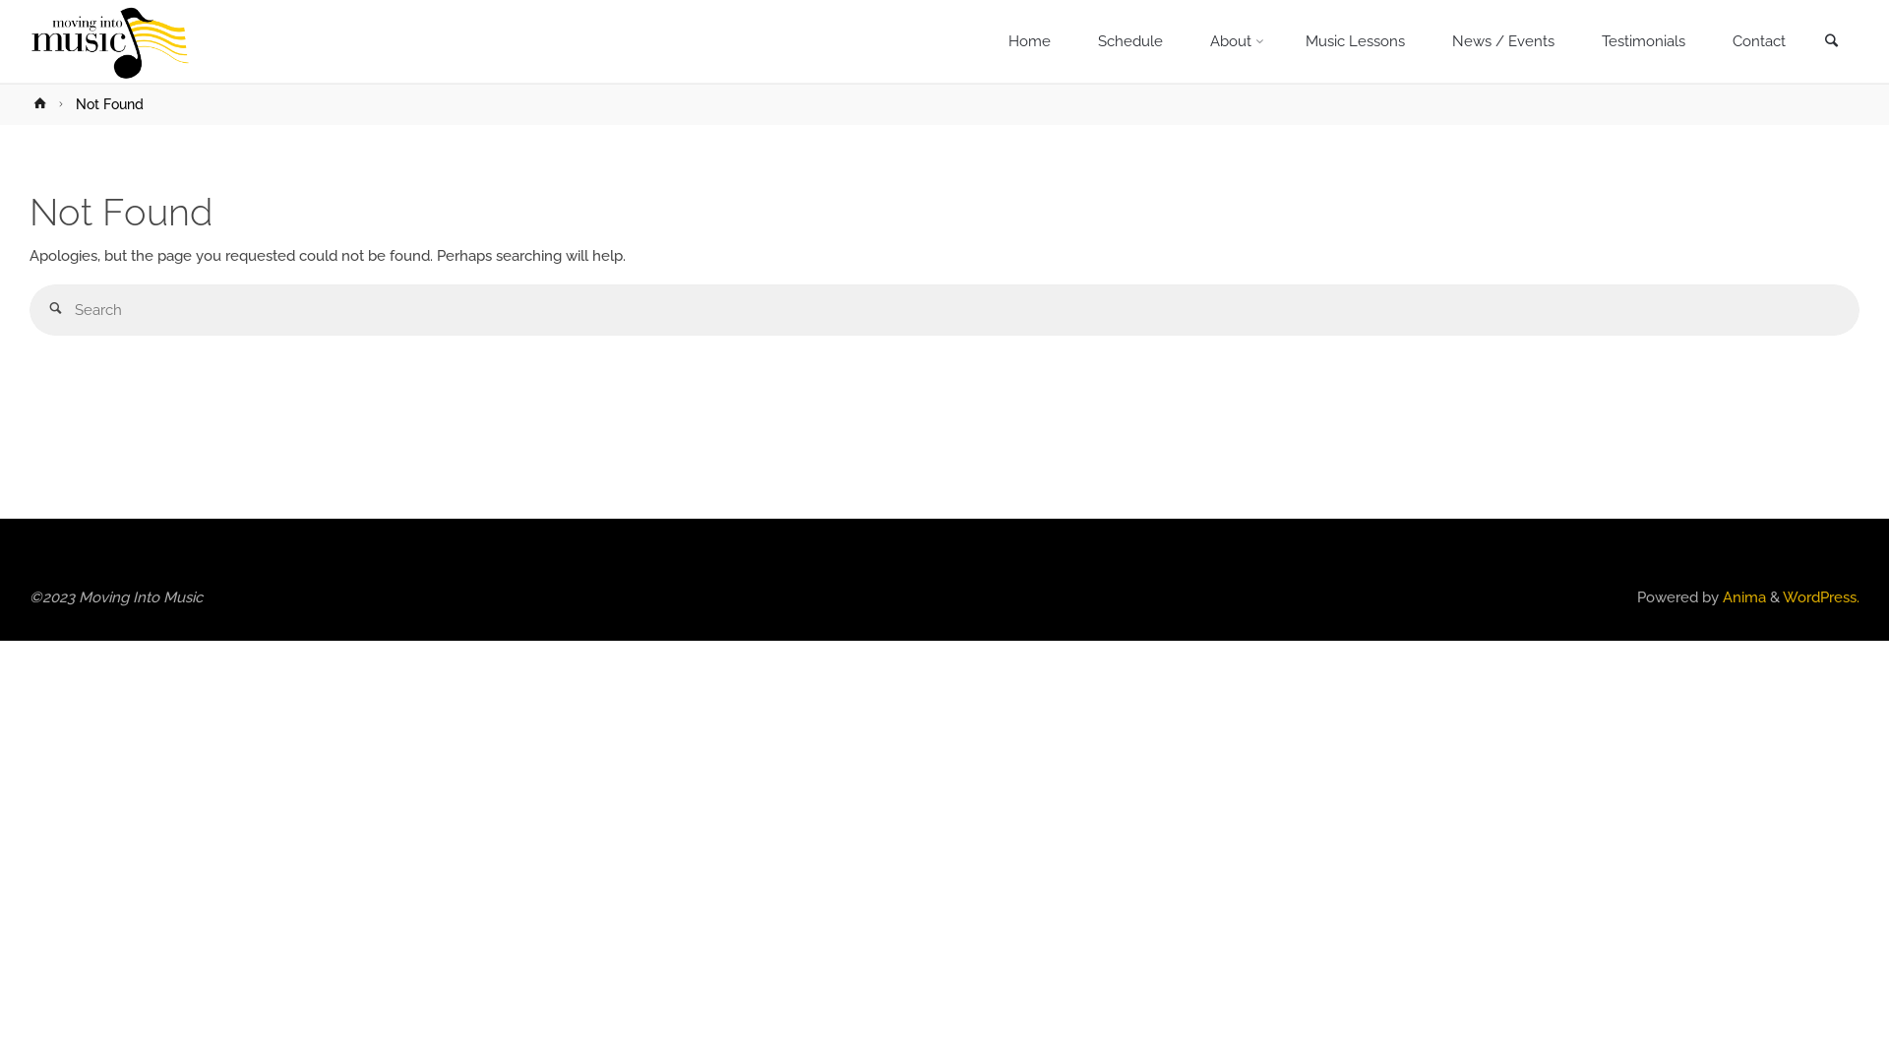  What do you see at coordinates (1354, 41) in the screenshot?
I see `'Music Lessons'` at bounding box center [1354, 41].